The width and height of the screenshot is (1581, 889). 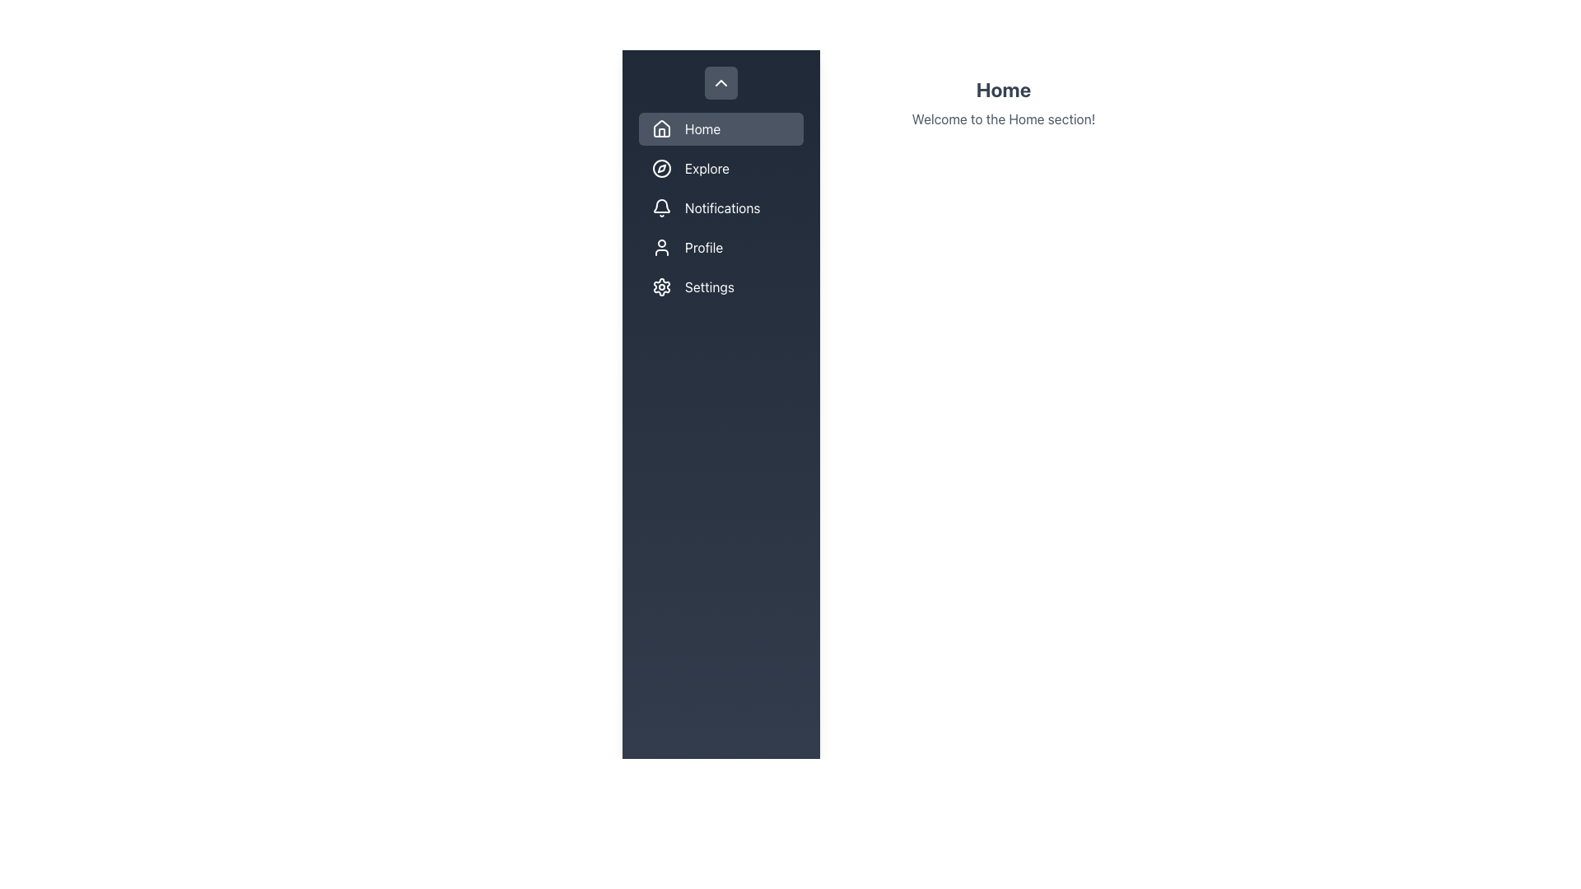 I want to click on text label 'Notifications' styled in white font located in the left-side navigation menu, adjacent to the bell icon, so click(x=722, y=207).